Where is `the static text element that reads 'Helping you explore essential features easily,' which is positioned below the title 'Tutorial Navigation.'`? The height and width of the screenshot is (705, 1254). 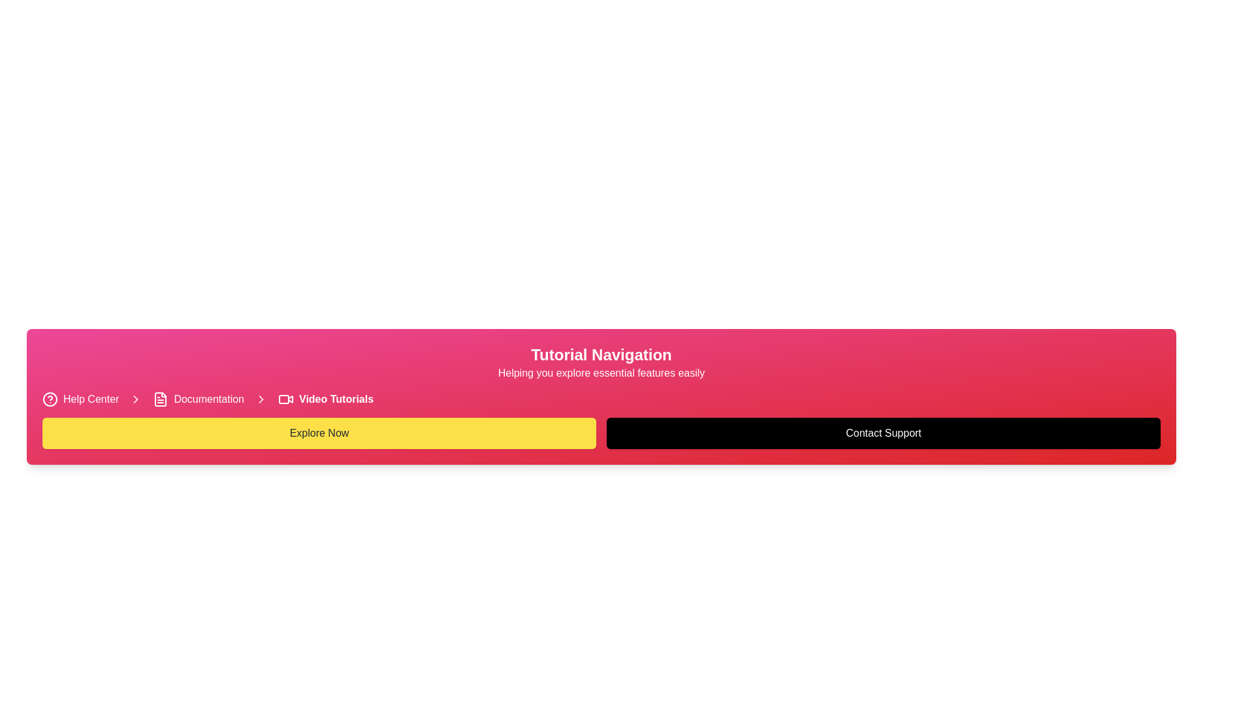 the static text element that reads 'Helping you explore essential features easily,' which is positioned below the title 'Tutorial Navigation.' is located at coordinates (601, 373).